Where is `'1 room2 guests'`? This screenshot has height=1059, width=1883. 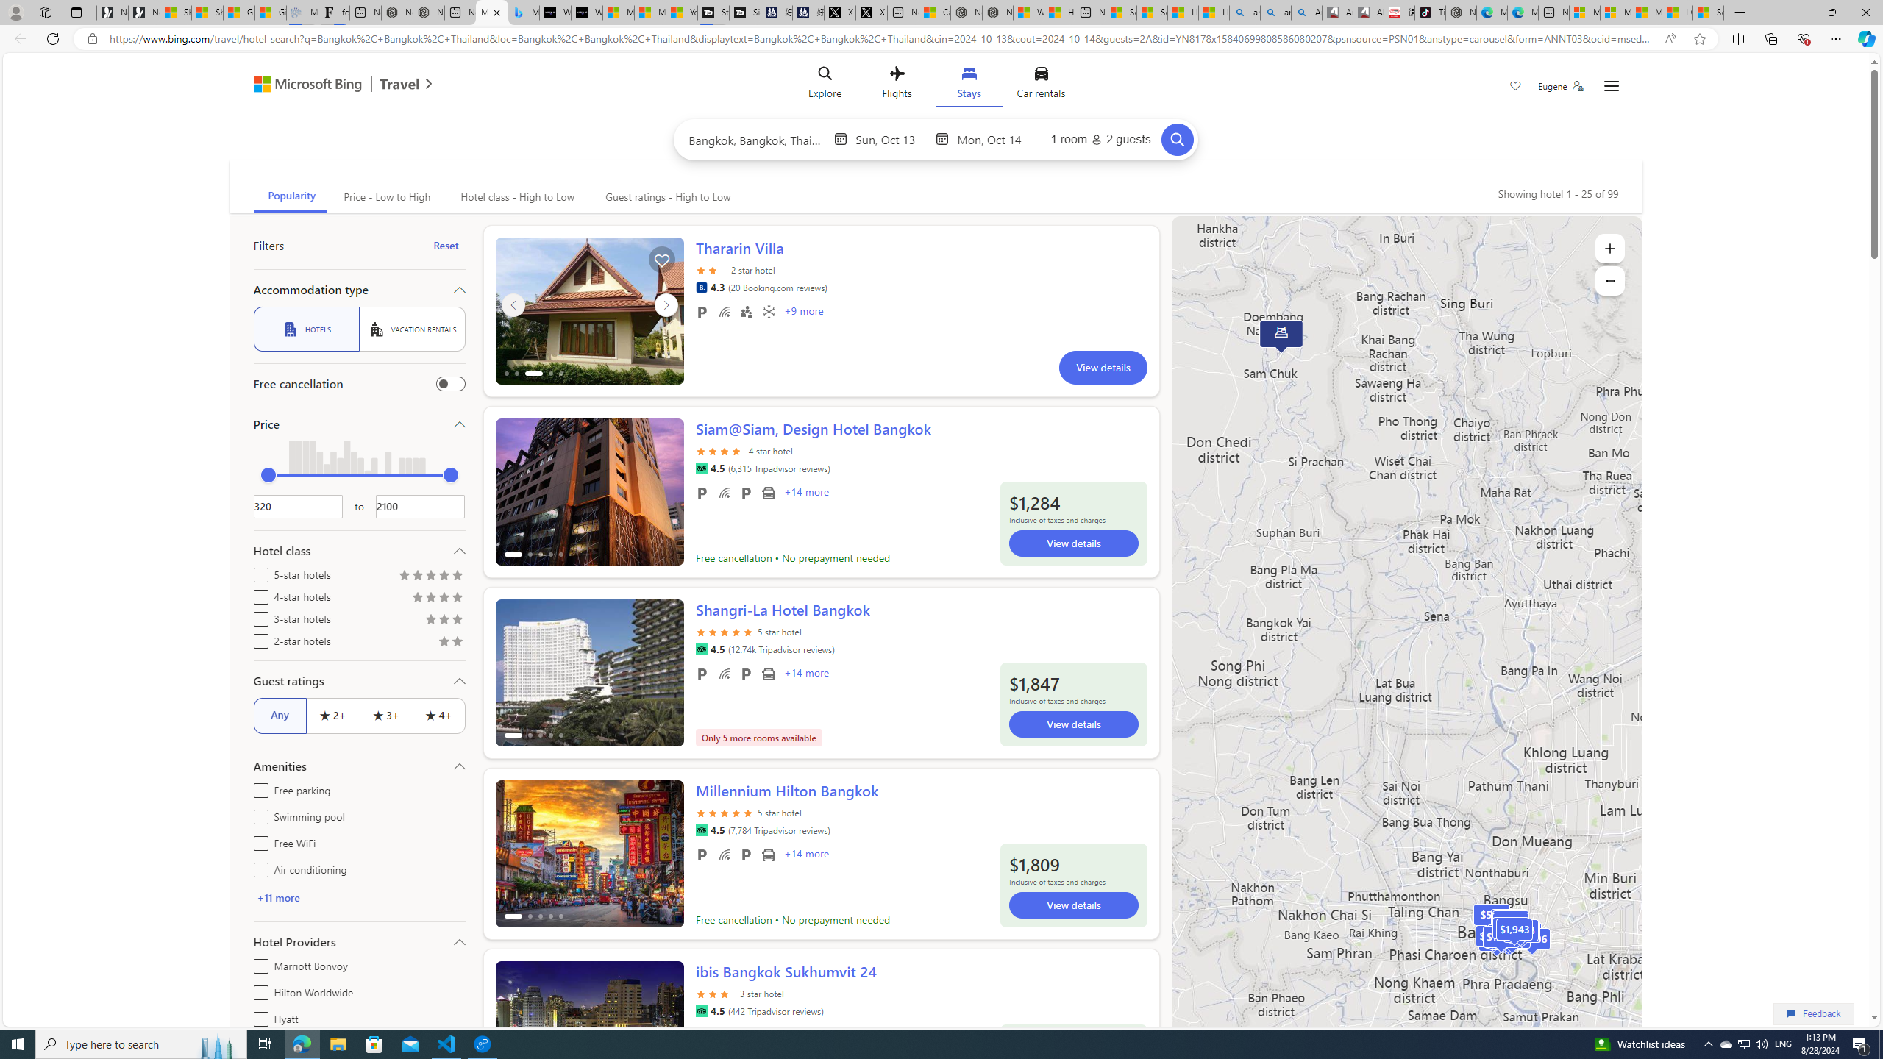
'1 room2 guests' is located at coordinates (1100, 138).